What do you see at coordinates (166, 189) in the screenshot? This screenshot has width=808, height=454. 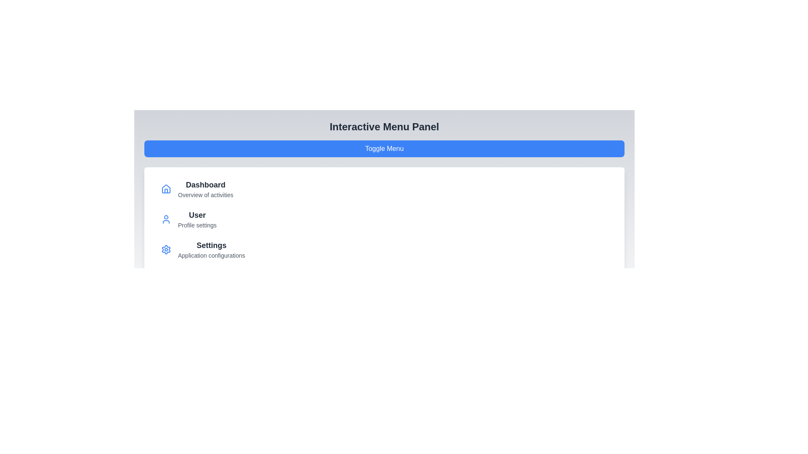 I see `the icon associated with the menu item labeled Dashboard` at bounding box center [166, 189].